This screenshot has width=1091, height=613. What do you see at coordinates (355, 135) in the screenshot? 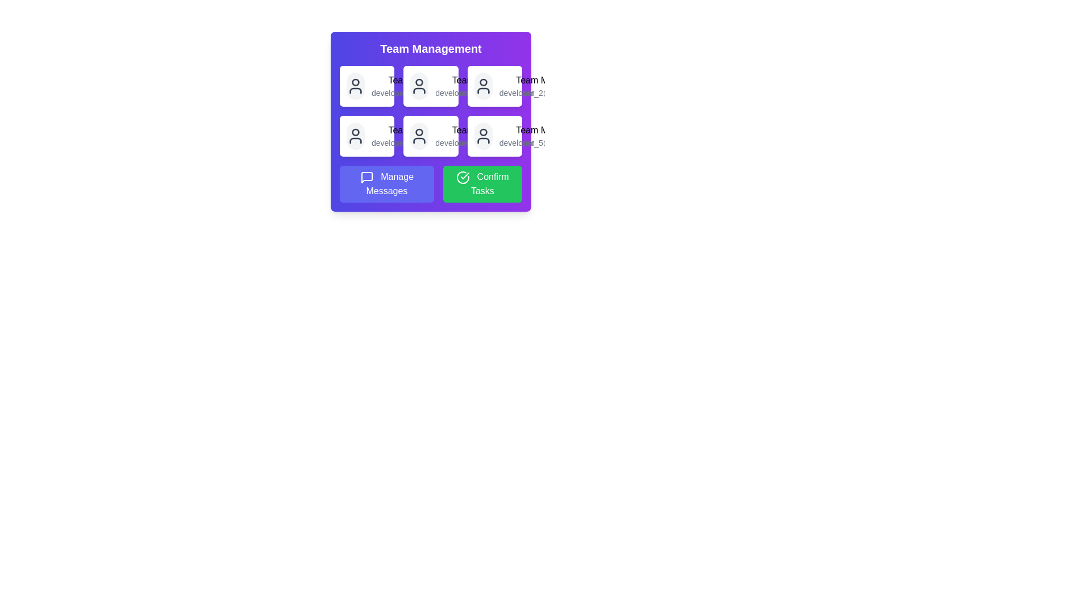
I see `the team member icon located in the second row, first column of the team management interface` at bounding box center [355, 135].